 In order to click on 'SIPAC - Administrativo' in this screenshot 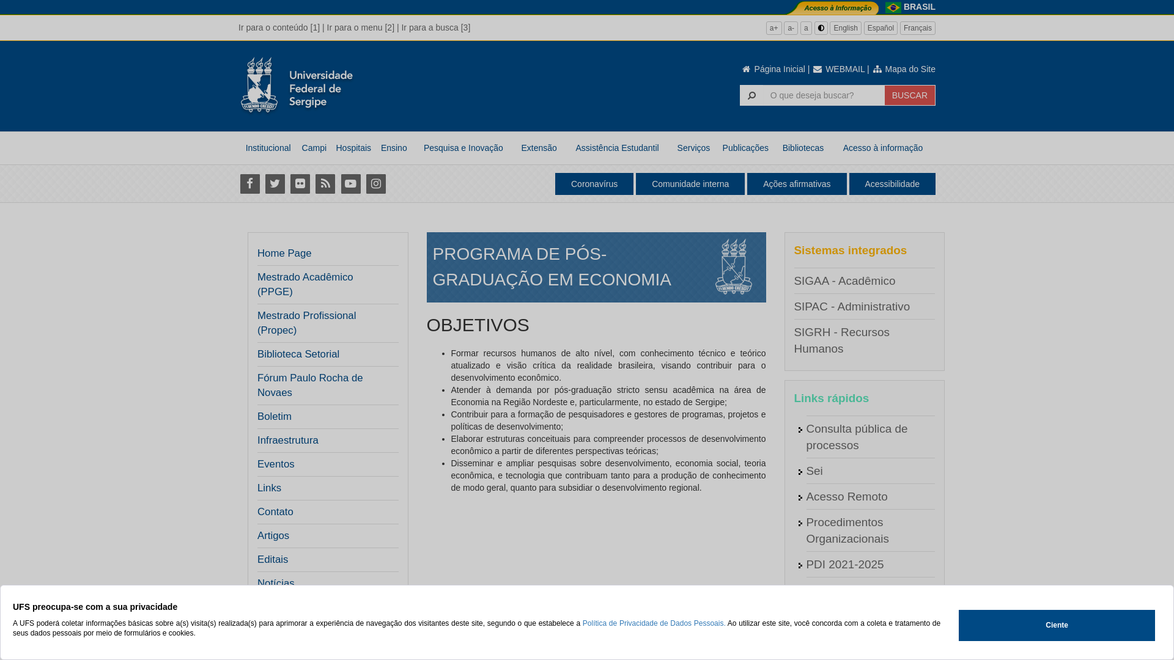, I will do `click(851, 306)`.